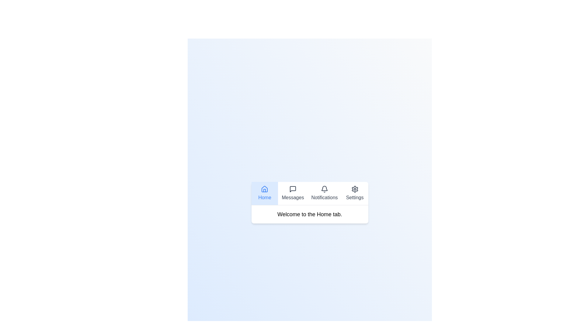 This screenshot has width=584, height=328. What do you see at coordinates (355, 189) in the screenshot?
I see `the cogwheel-like settings icon located as the rightmost element in the horizontal menu bar at the bottom of the interface` at bounding box center [355, 189].